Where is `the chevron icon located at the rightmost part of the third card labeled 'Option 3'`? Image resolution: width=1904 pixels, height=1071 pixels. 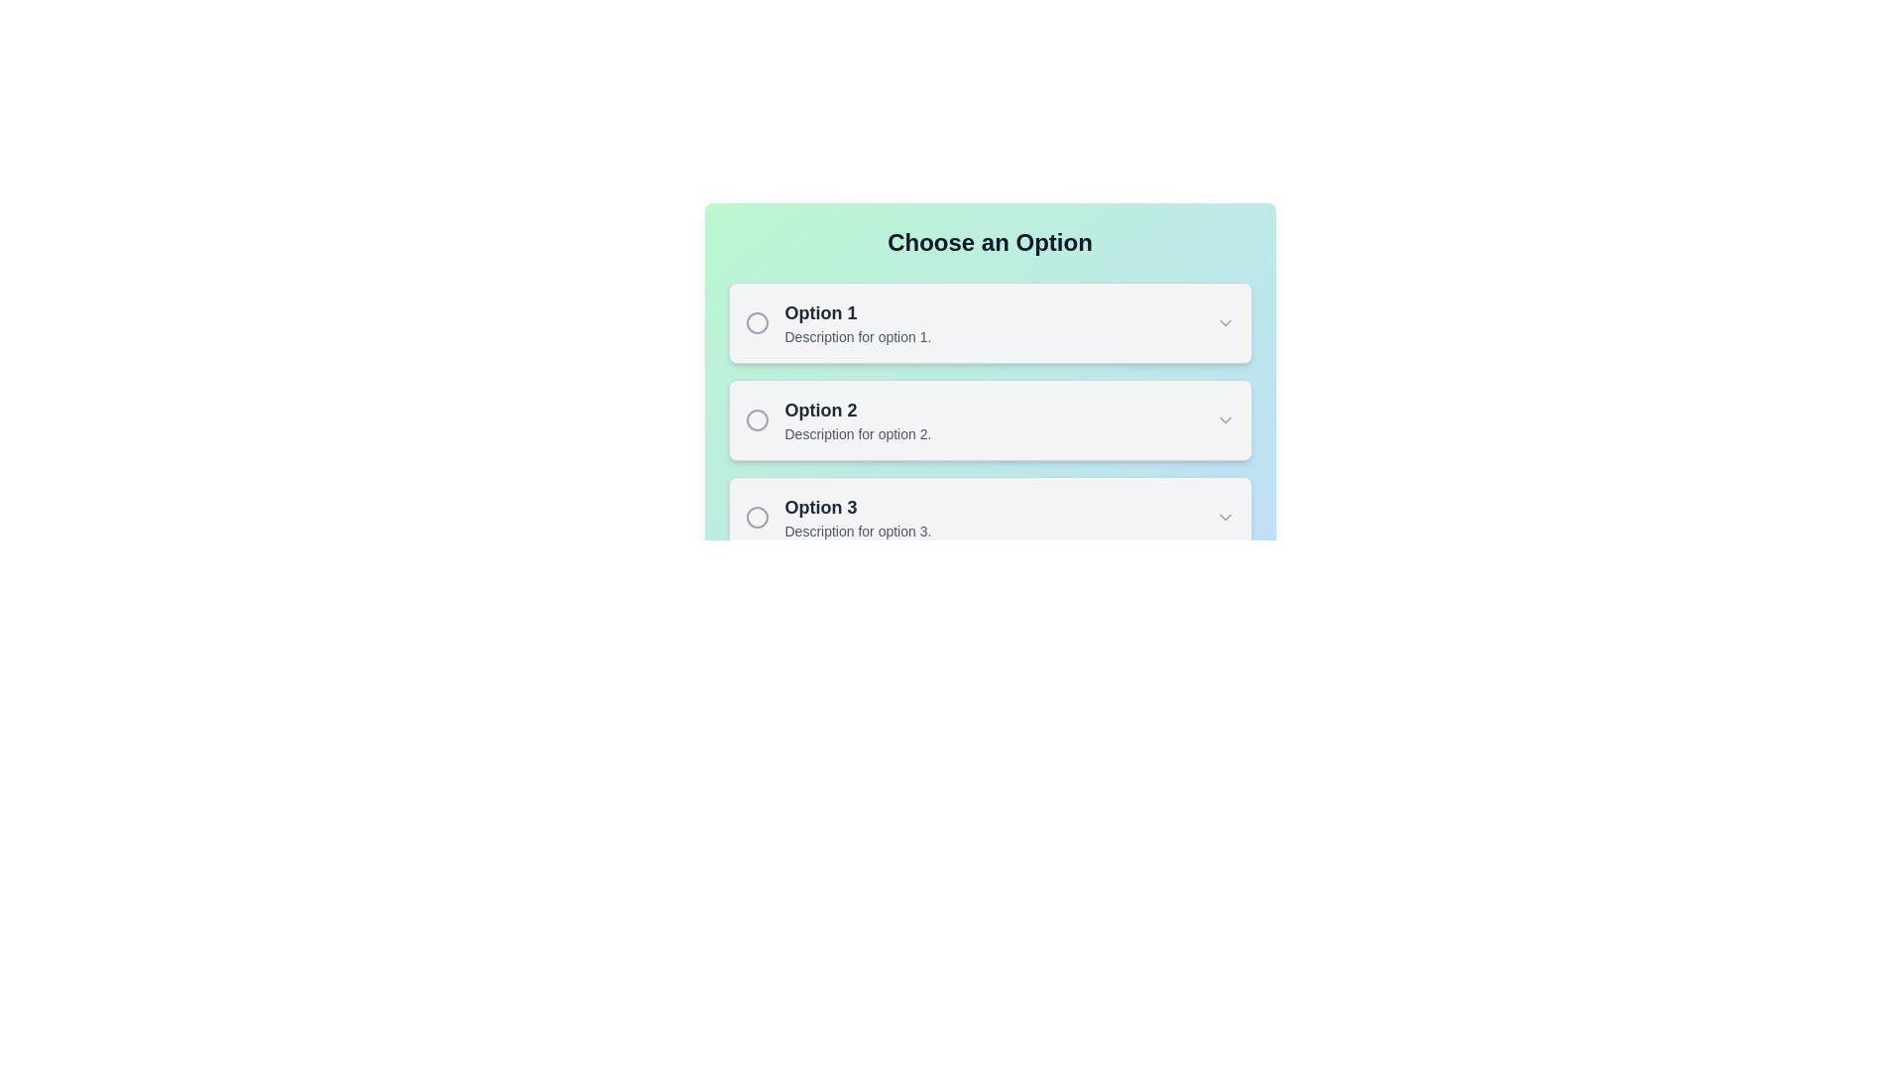 the chevron icon located at the rightmost part of the third card labeled 'Option 3' is located at coordinates (1224, 516).